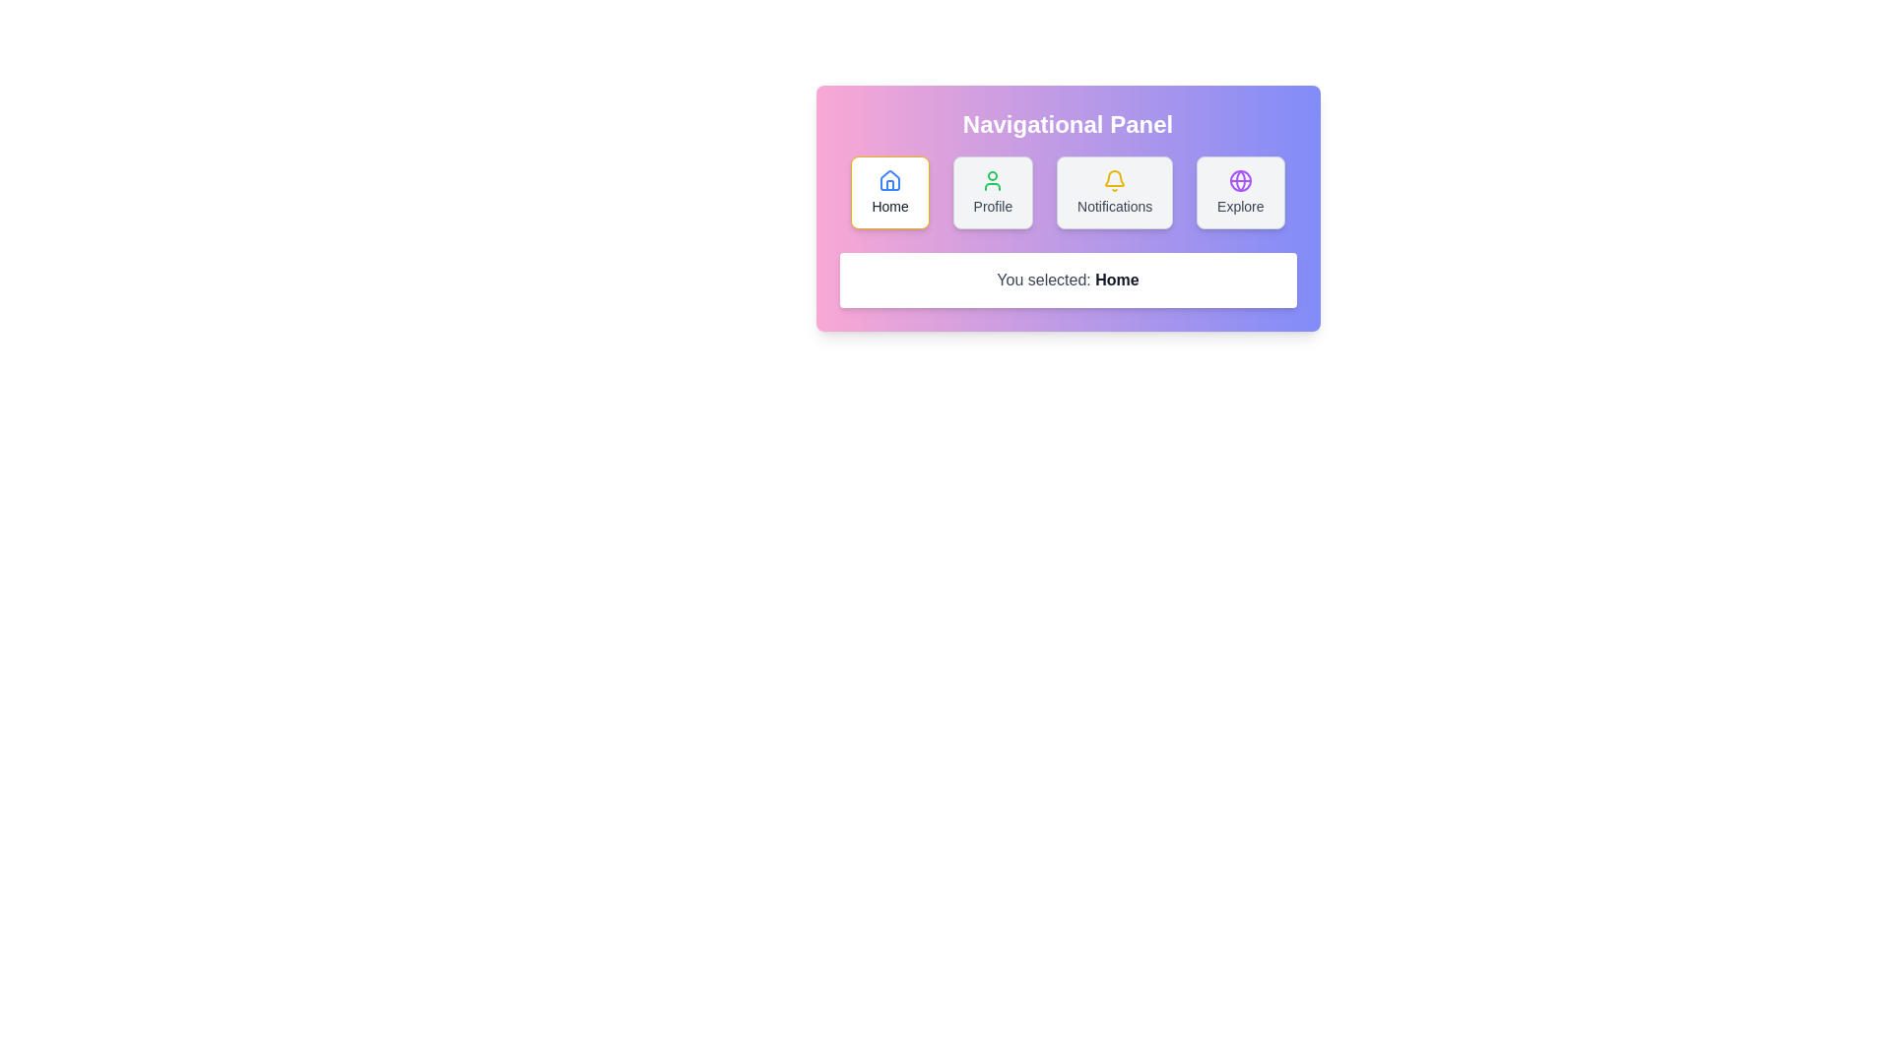 Image resolution: width=1891 pixels, height=1063 pixels. Describe the element at coordinates (1067, 281) in the screenshot. I see `the text display element that shows feedback based on user selections in the navigation panel, located centrally underneath the panel` at that location.